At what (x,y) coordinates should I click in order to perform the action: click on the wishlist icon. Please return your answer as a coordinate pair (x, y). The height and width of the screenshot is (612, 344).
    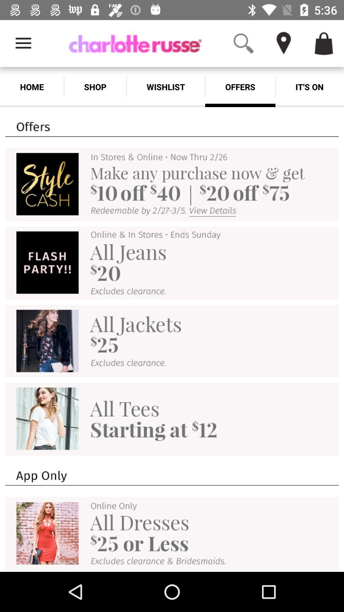
    Looking at the image, I should click on (165, 87).